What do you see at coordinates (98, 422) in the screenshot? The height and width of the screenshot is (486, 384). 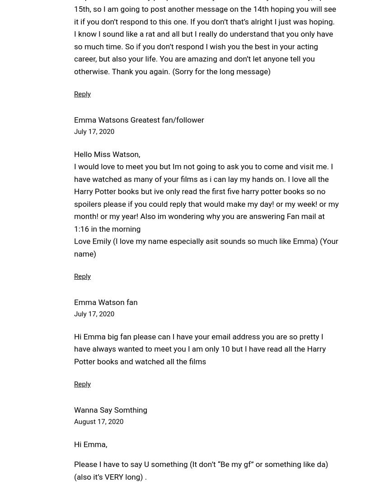 I see `'August 17, 2020'` at bounding box center [98, 422].